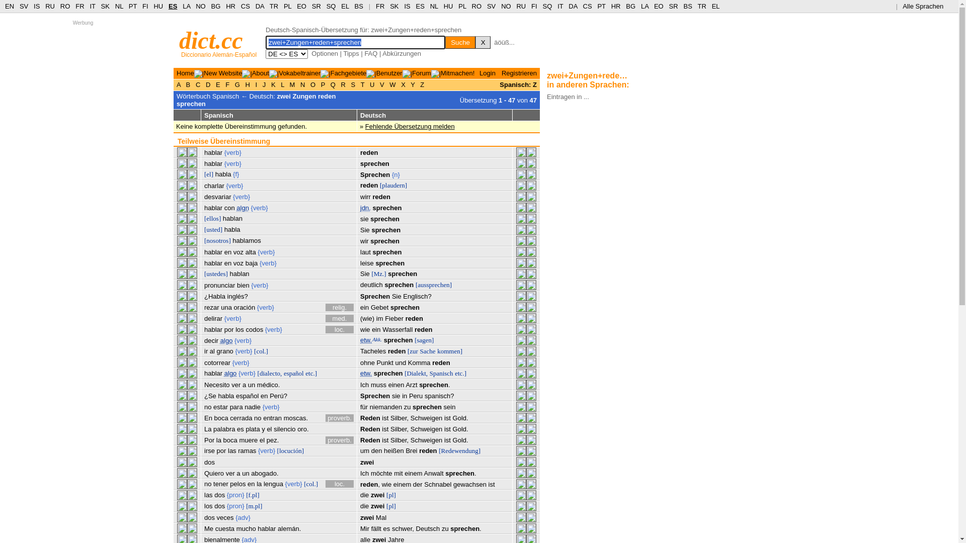  Describe the element at coordinates (371, 230) in the screenshot. I see `'sprechen'` at that location.